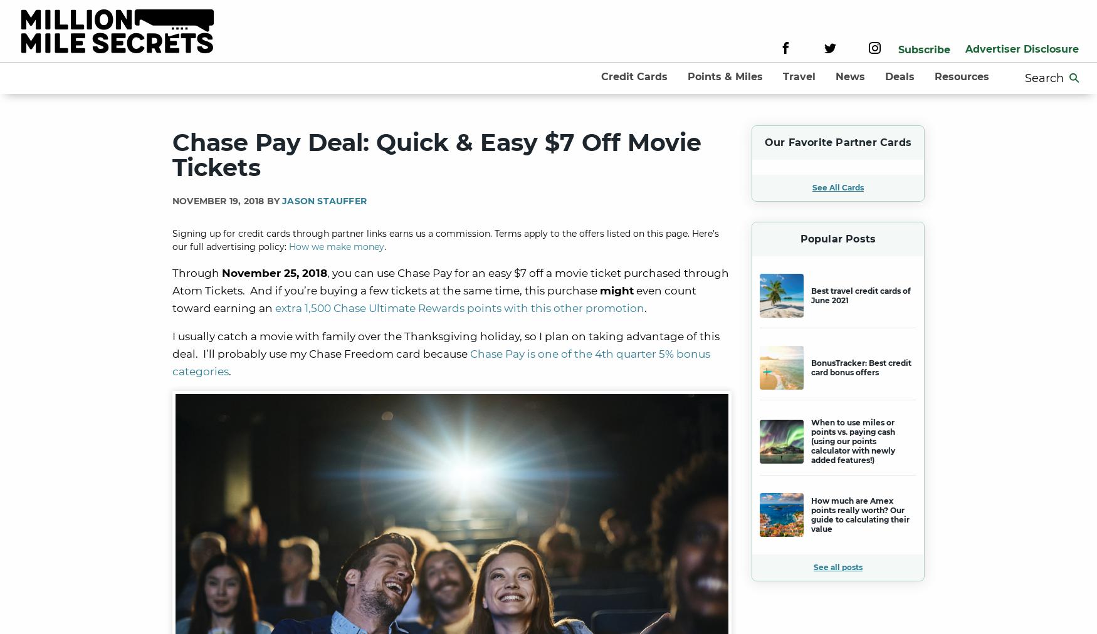 This screenshot has height=634, width=1097. What do you see at coordinates (776, 112) in the screenshot?
I see `'Airlines'` at bounding box center [776, 112].